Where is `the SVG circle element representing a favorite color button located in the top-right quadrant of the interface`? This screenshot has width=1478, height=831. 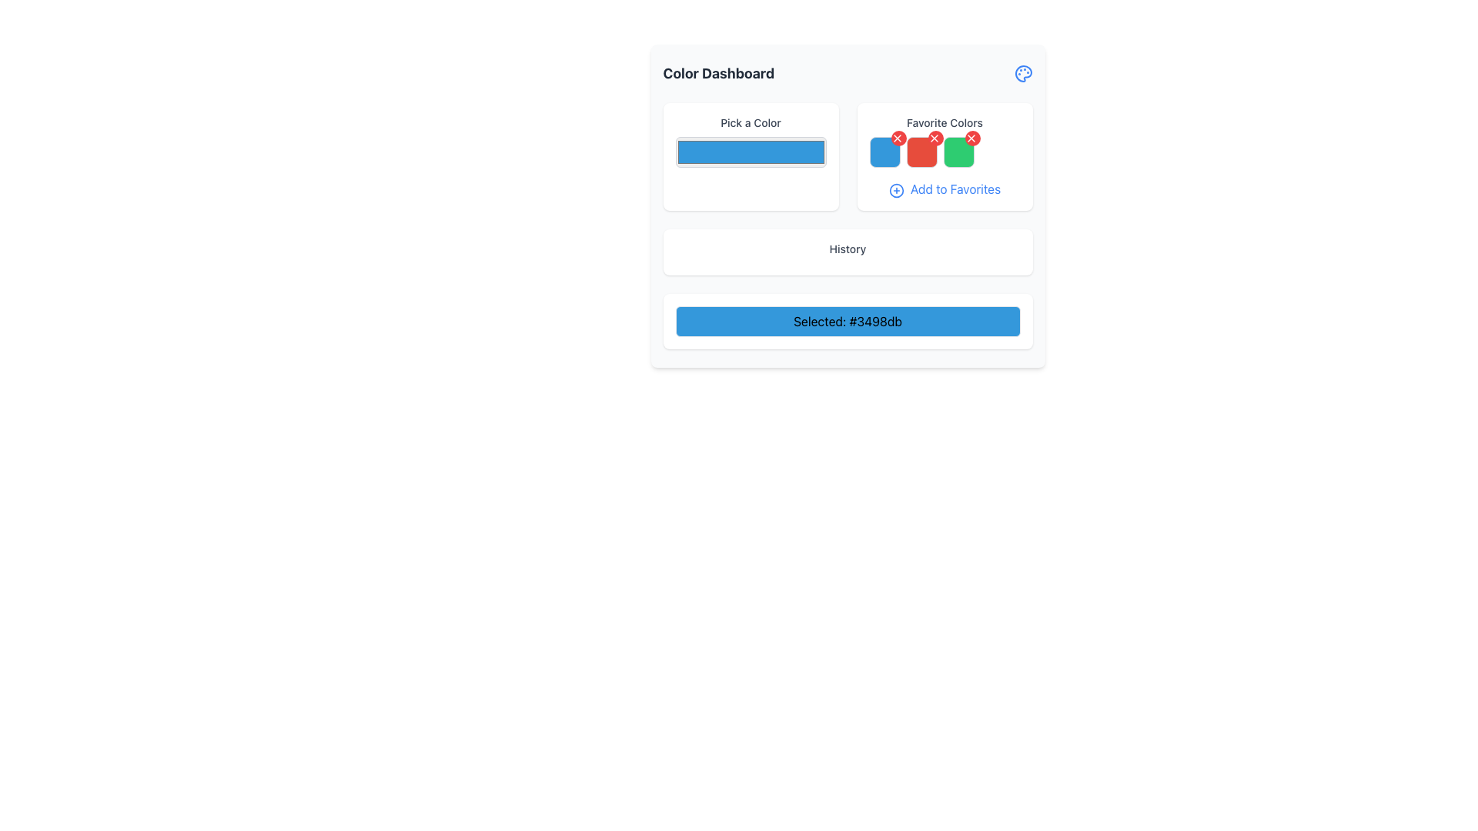 the SVG circle element representing a favorite color button located in the top-right quadrant of the interface is located at coordinates (896, 189).